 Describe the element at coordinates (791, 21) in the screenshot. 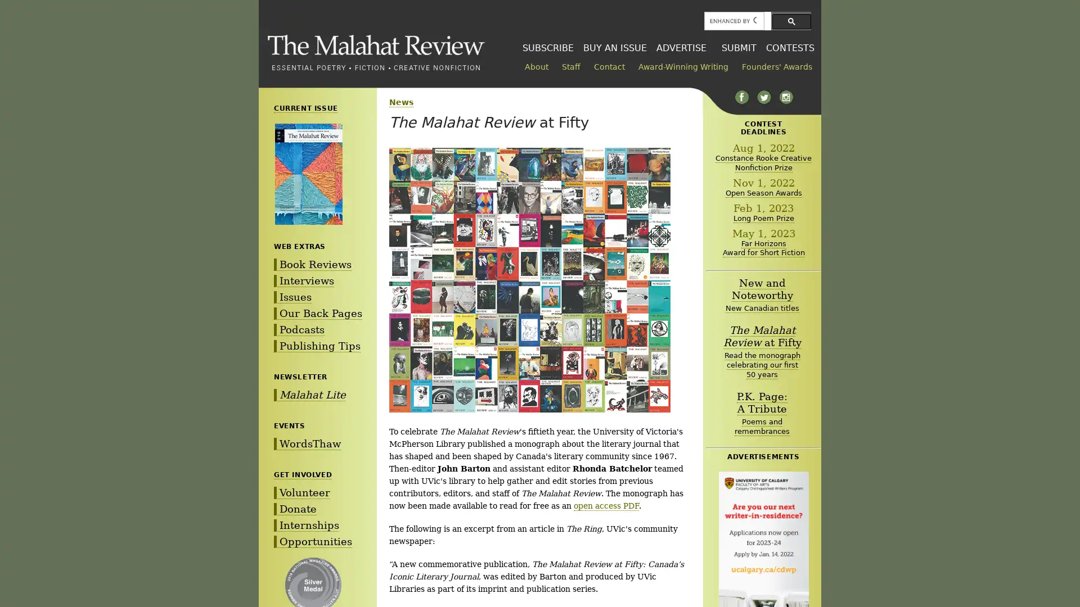

I see `search` at that location.